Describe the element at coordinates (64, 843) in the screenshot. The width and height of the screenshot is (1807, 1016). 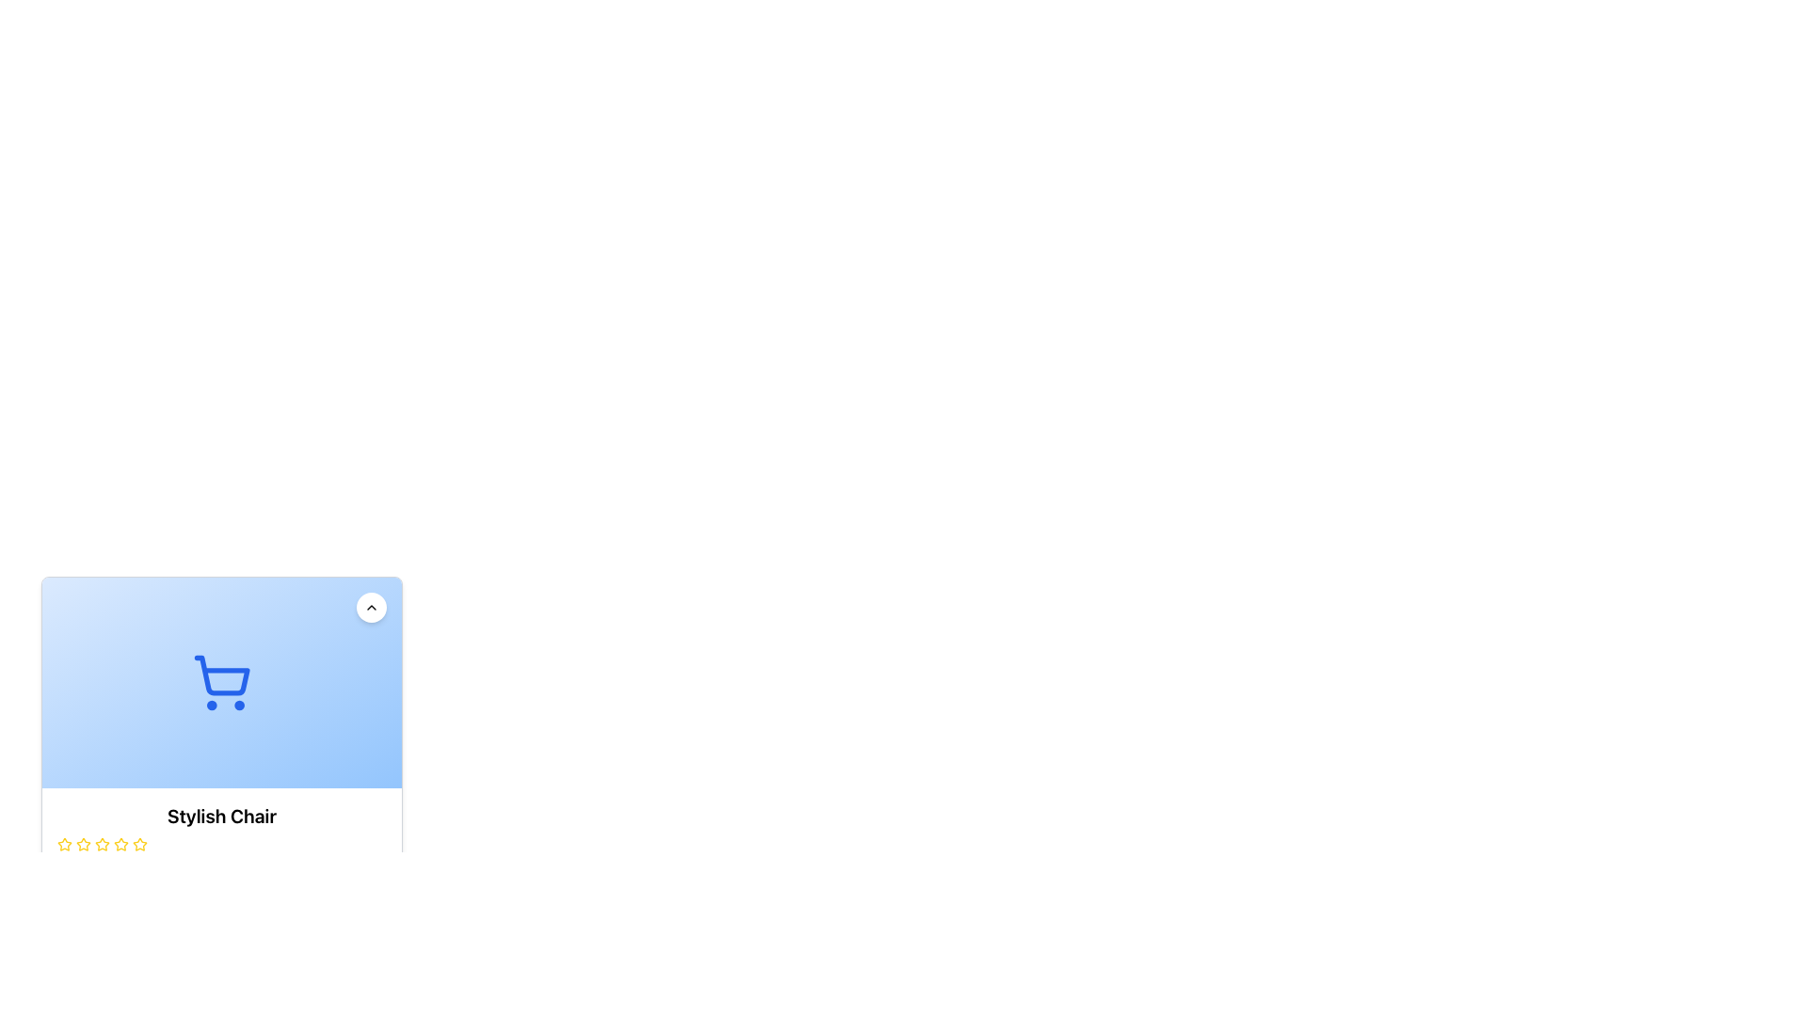
I see `the first star icon in the rating system for the 'Stylish Chair' item` at that location.